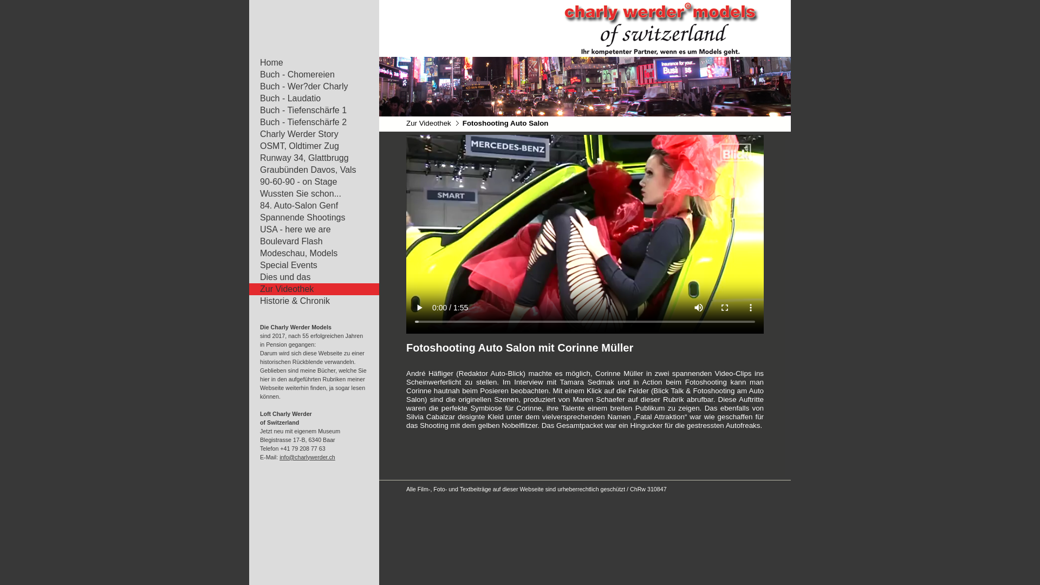 Image resolution: width=1040 pixels, height=585 pixels. I want to click on 'Buch - Laudatio', so click(308, 98).